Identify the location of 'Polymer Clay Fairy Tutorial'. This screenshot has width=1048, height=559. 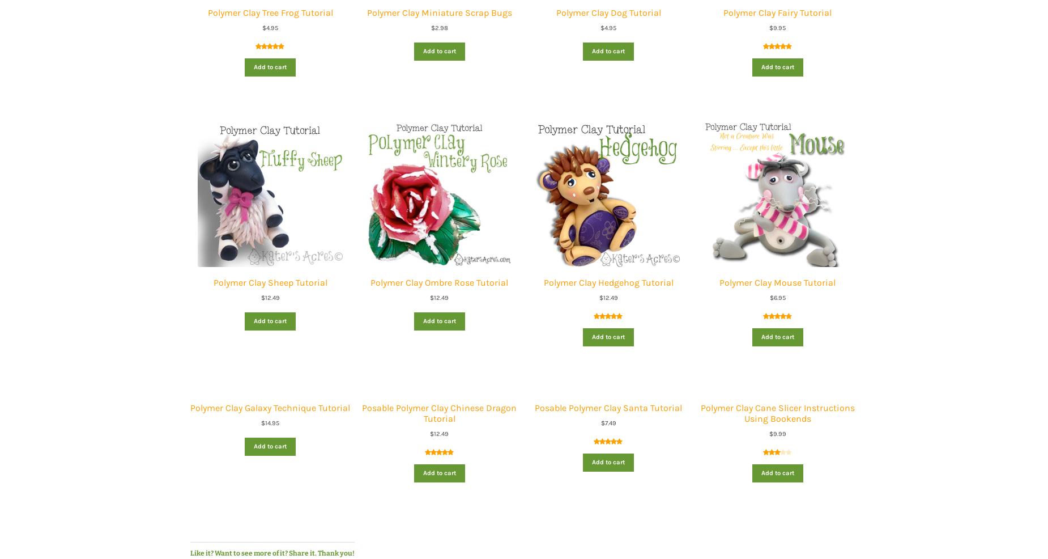
(723, 12).